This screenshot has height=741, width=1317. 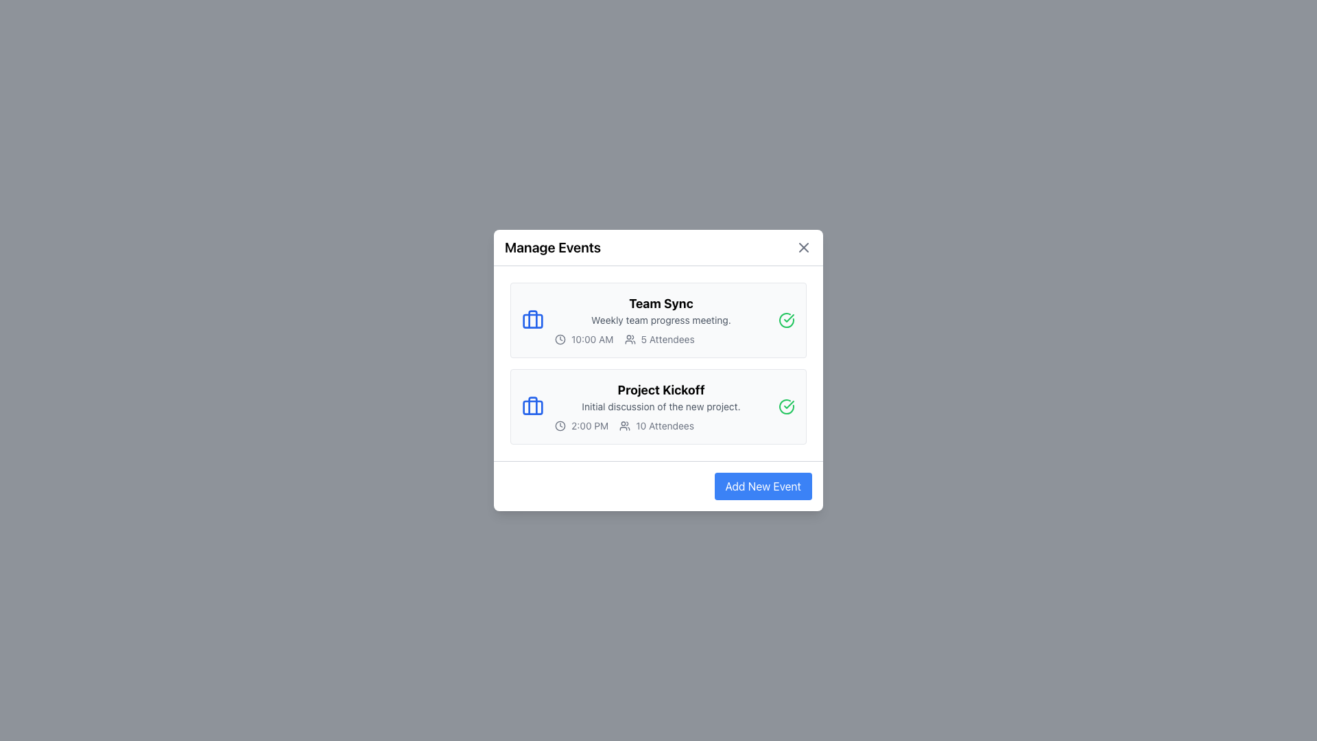 I want to click on supplementary details provided by the text label located directly below the 'Team Sync' title in the dialog, centered above the event's time and attendee count, so click(x=661, y=320).